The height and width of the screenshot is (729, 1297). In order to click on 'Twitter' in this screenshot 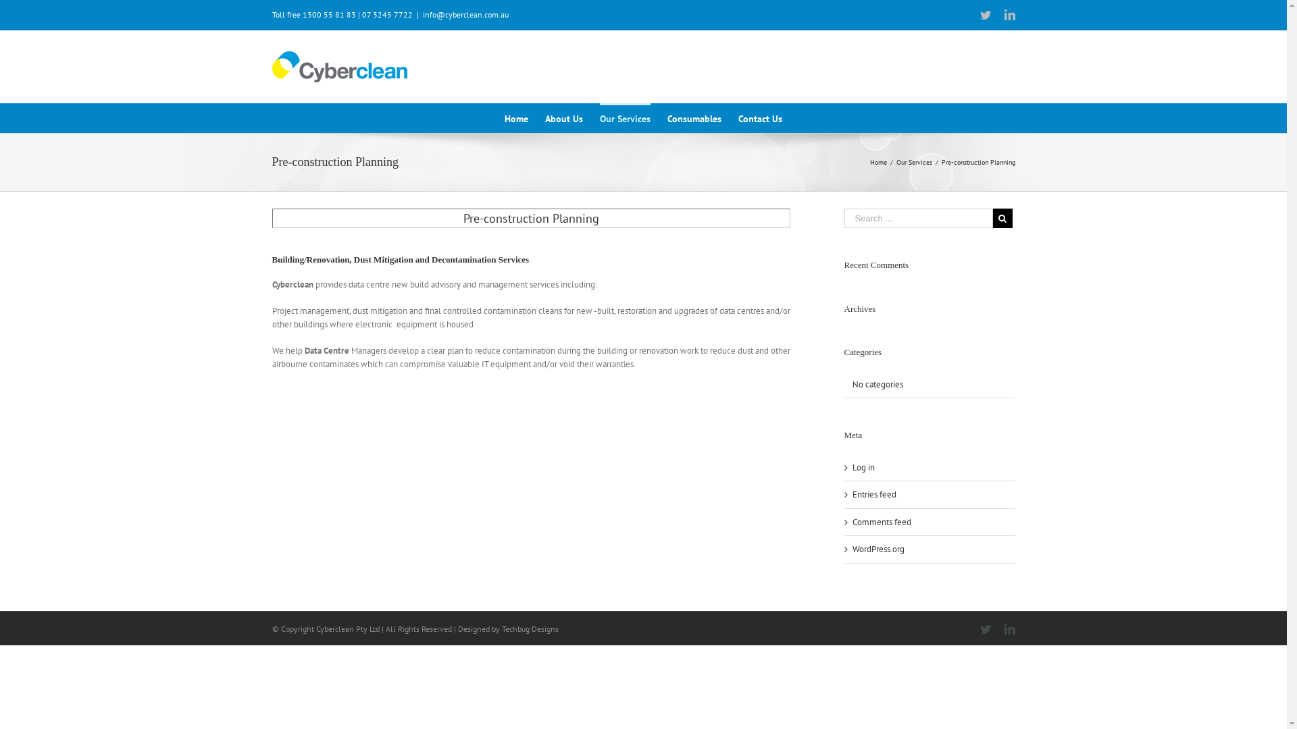, I will do `click(985, 629)`.